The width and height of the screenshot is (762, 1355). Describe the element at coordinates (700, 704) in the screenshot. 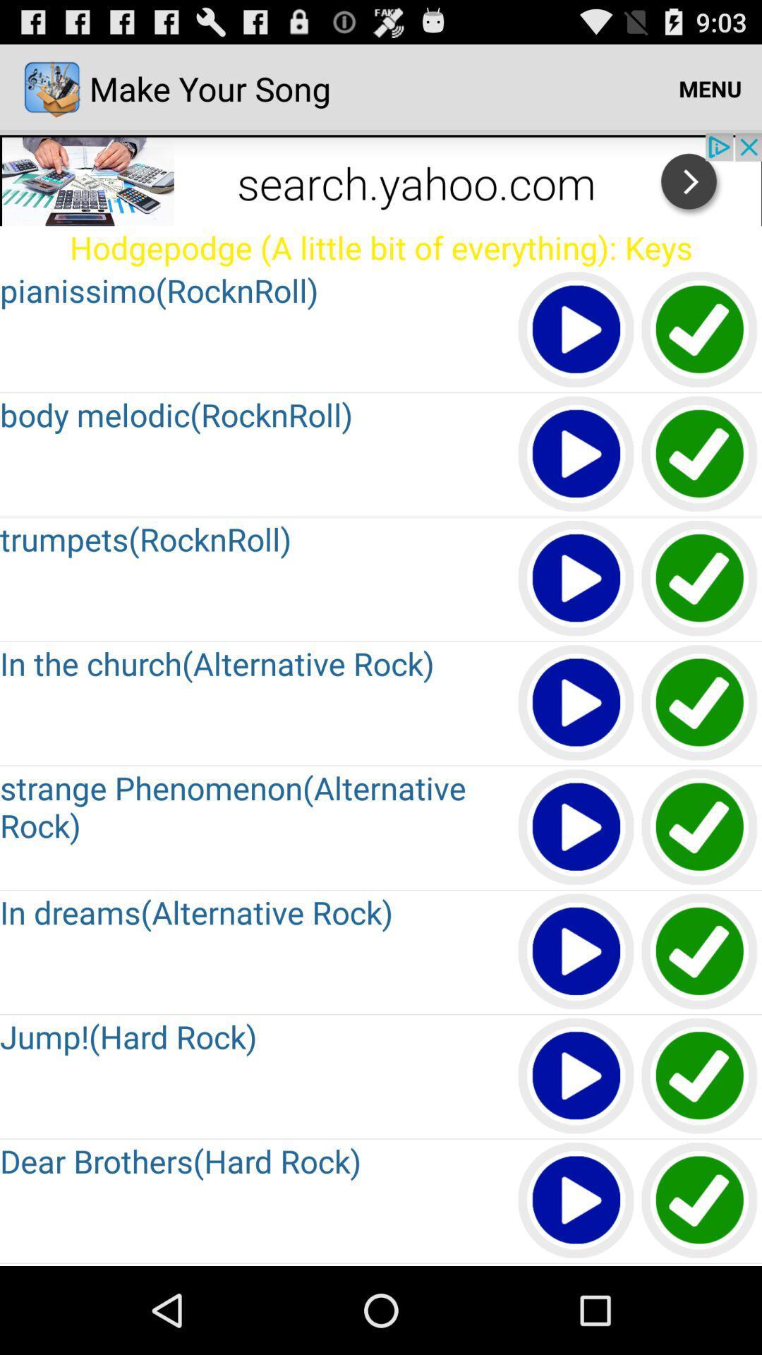

I see `option` at that location.